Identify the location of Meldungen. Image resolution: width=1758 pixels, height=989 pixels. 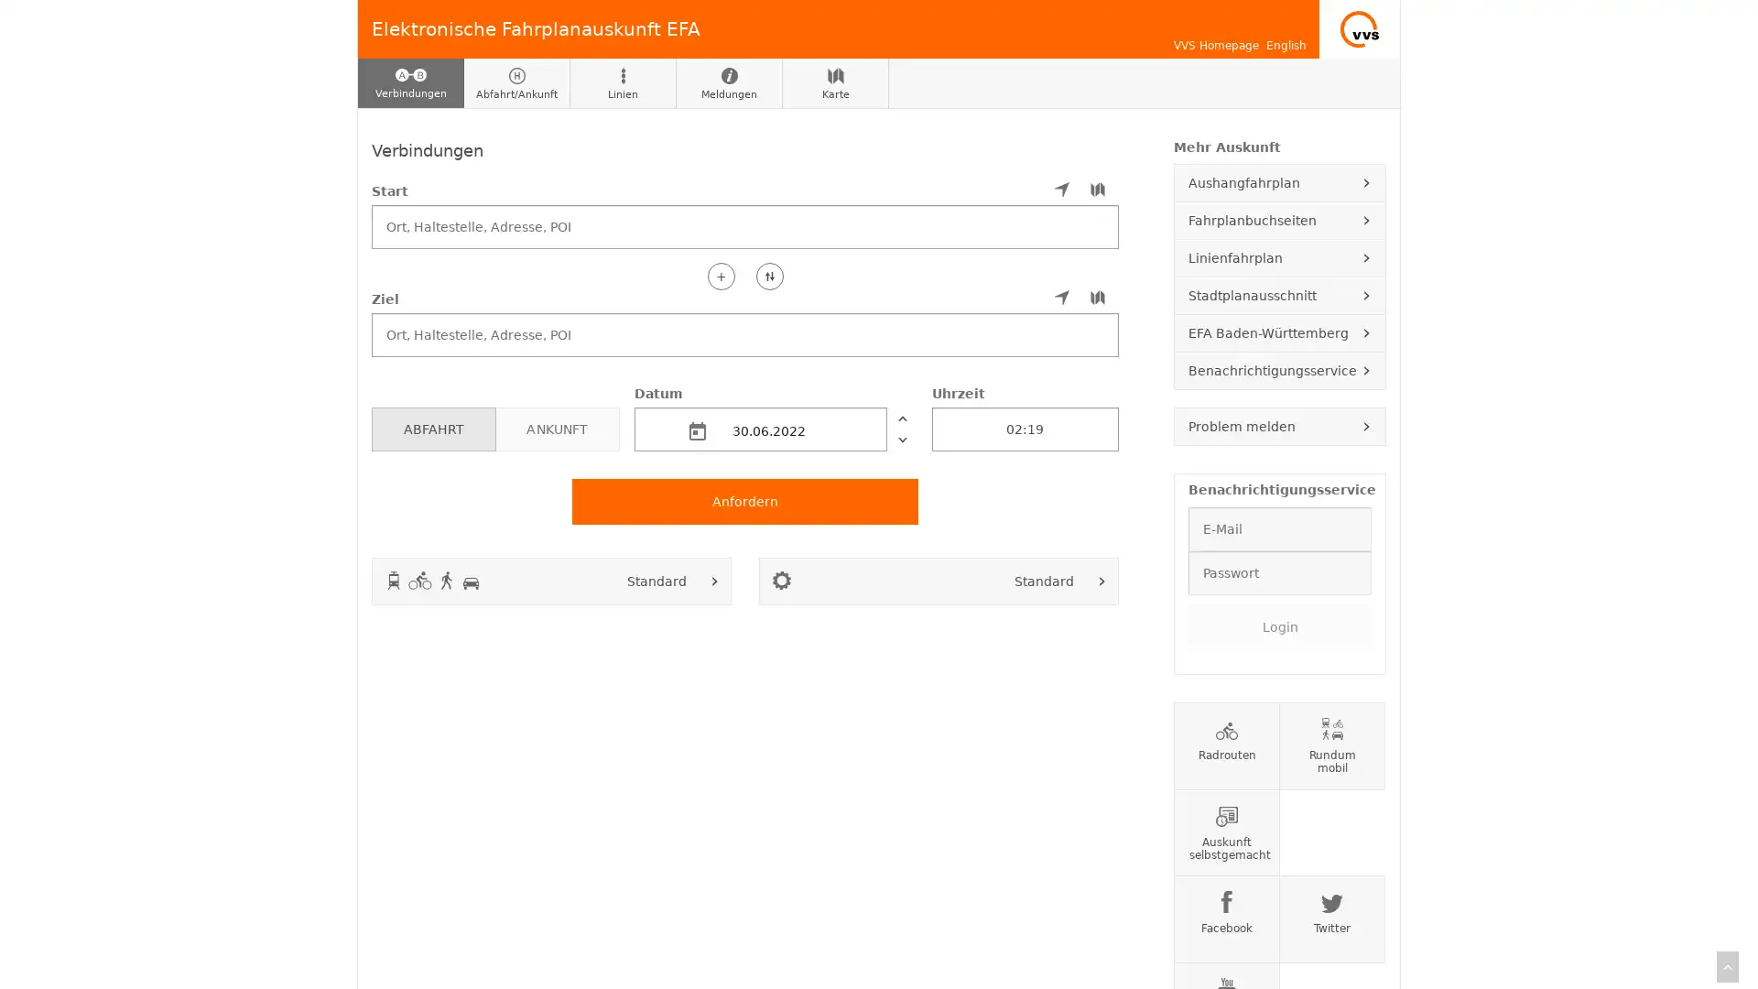
(728, 83).